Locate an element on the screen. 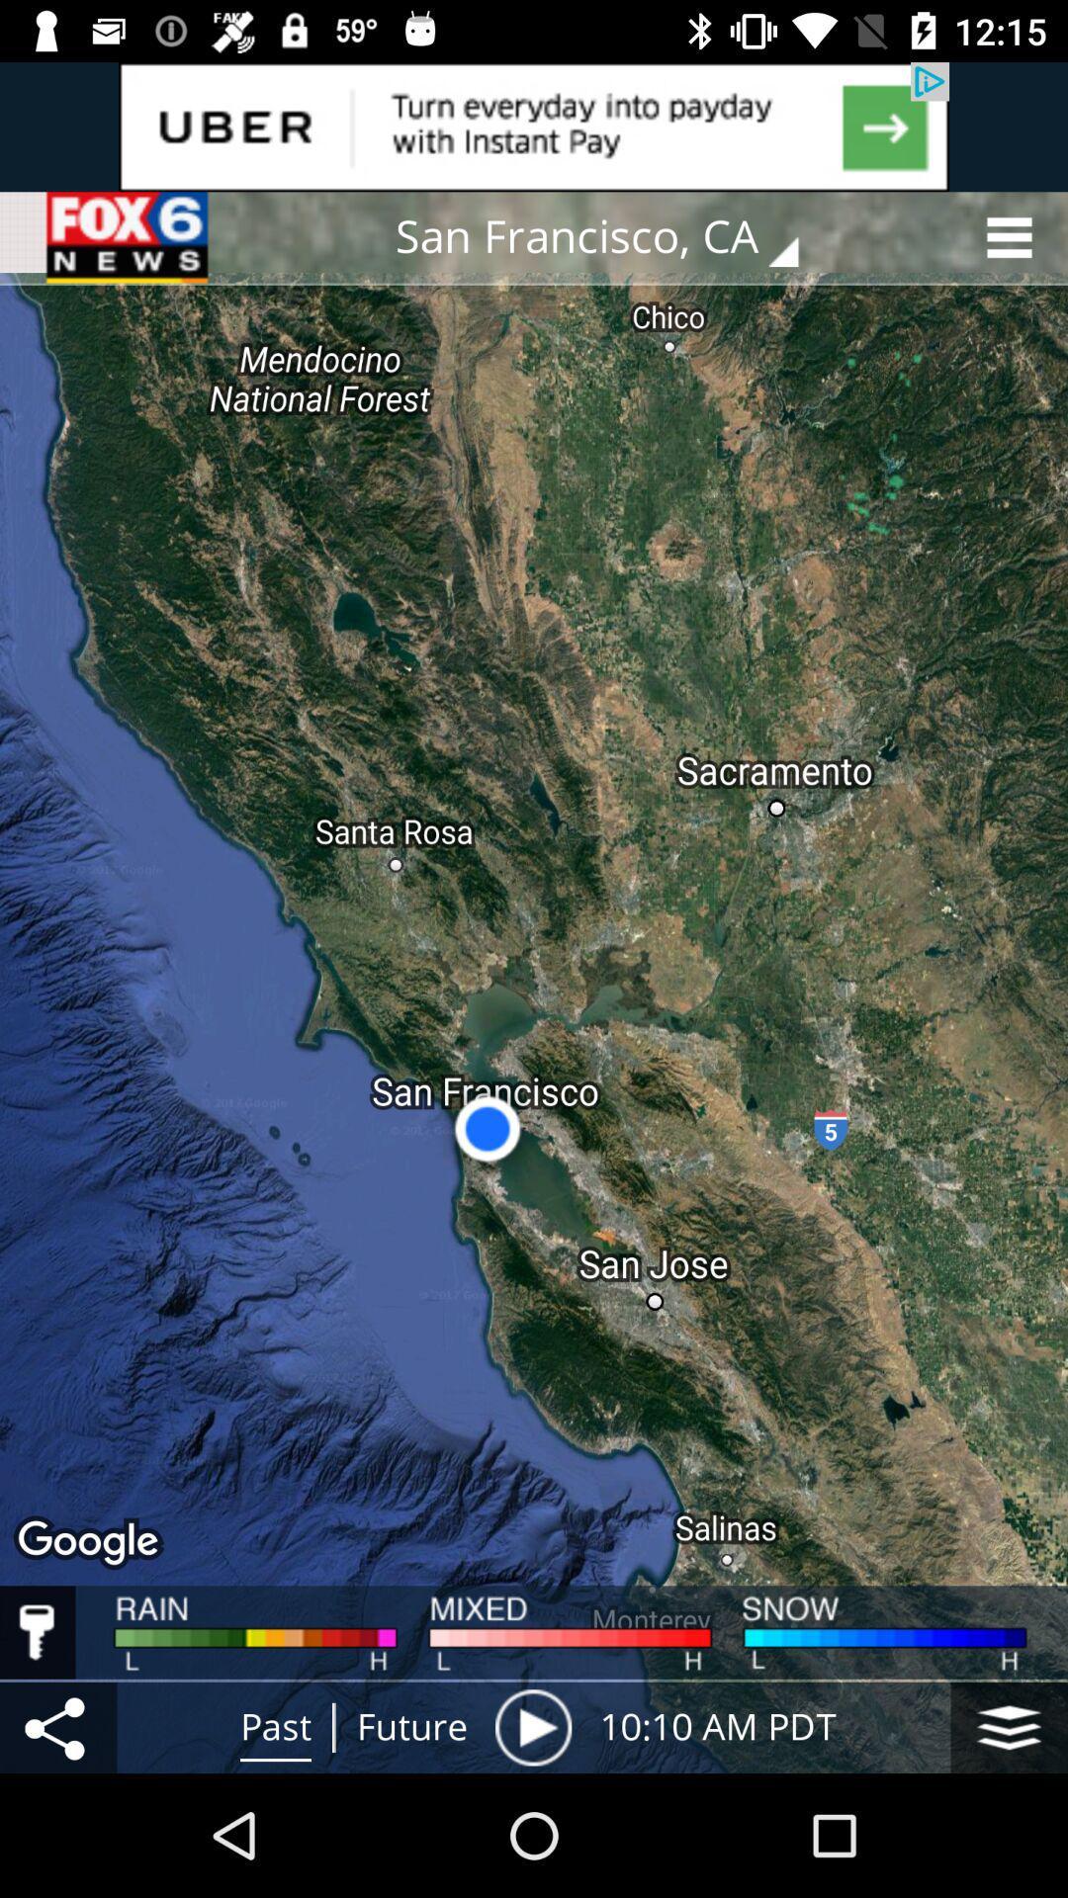 This screenshot has width=1068, height=1898. the layers icon is located at coordinates (1009, 1726).